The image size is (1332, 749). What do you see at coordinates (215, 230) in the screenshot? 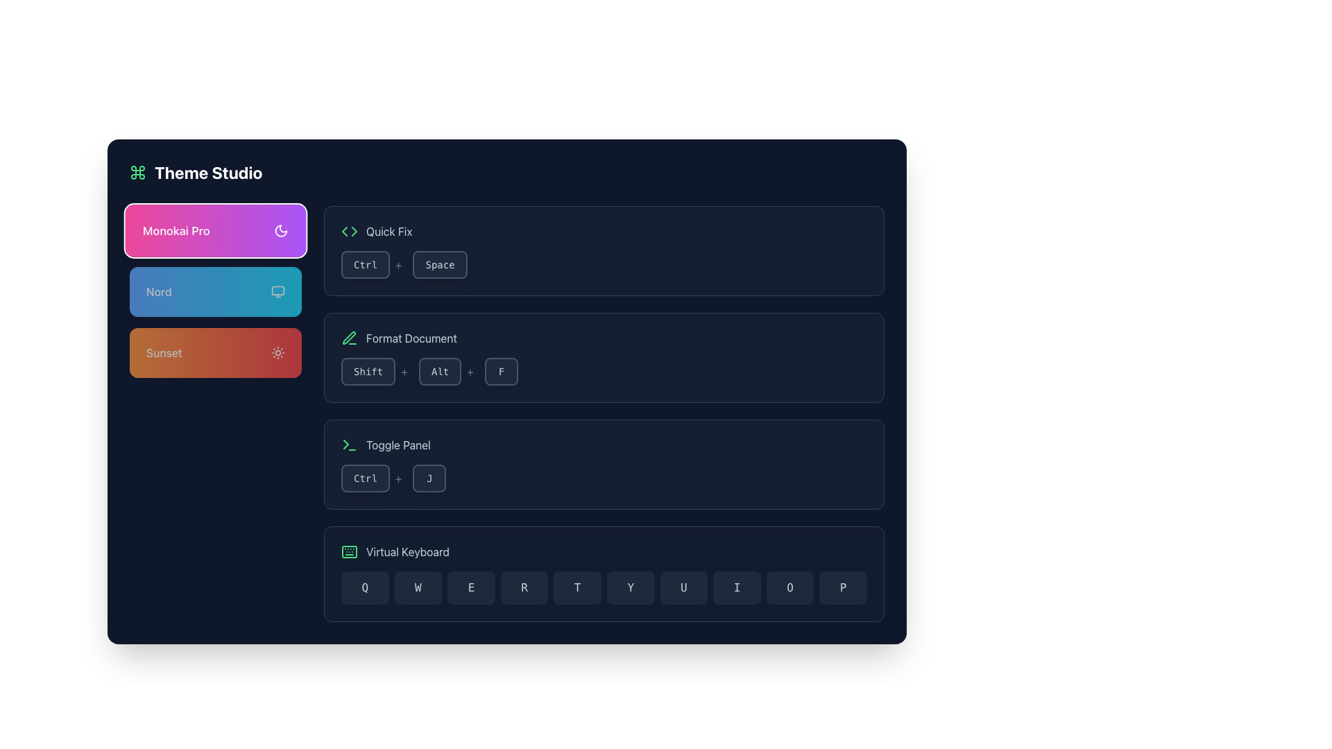
I see `the 'Monokai Pro' theme button located at the top of the theme options list in the left sidebar` at bounding box center [215, 230].